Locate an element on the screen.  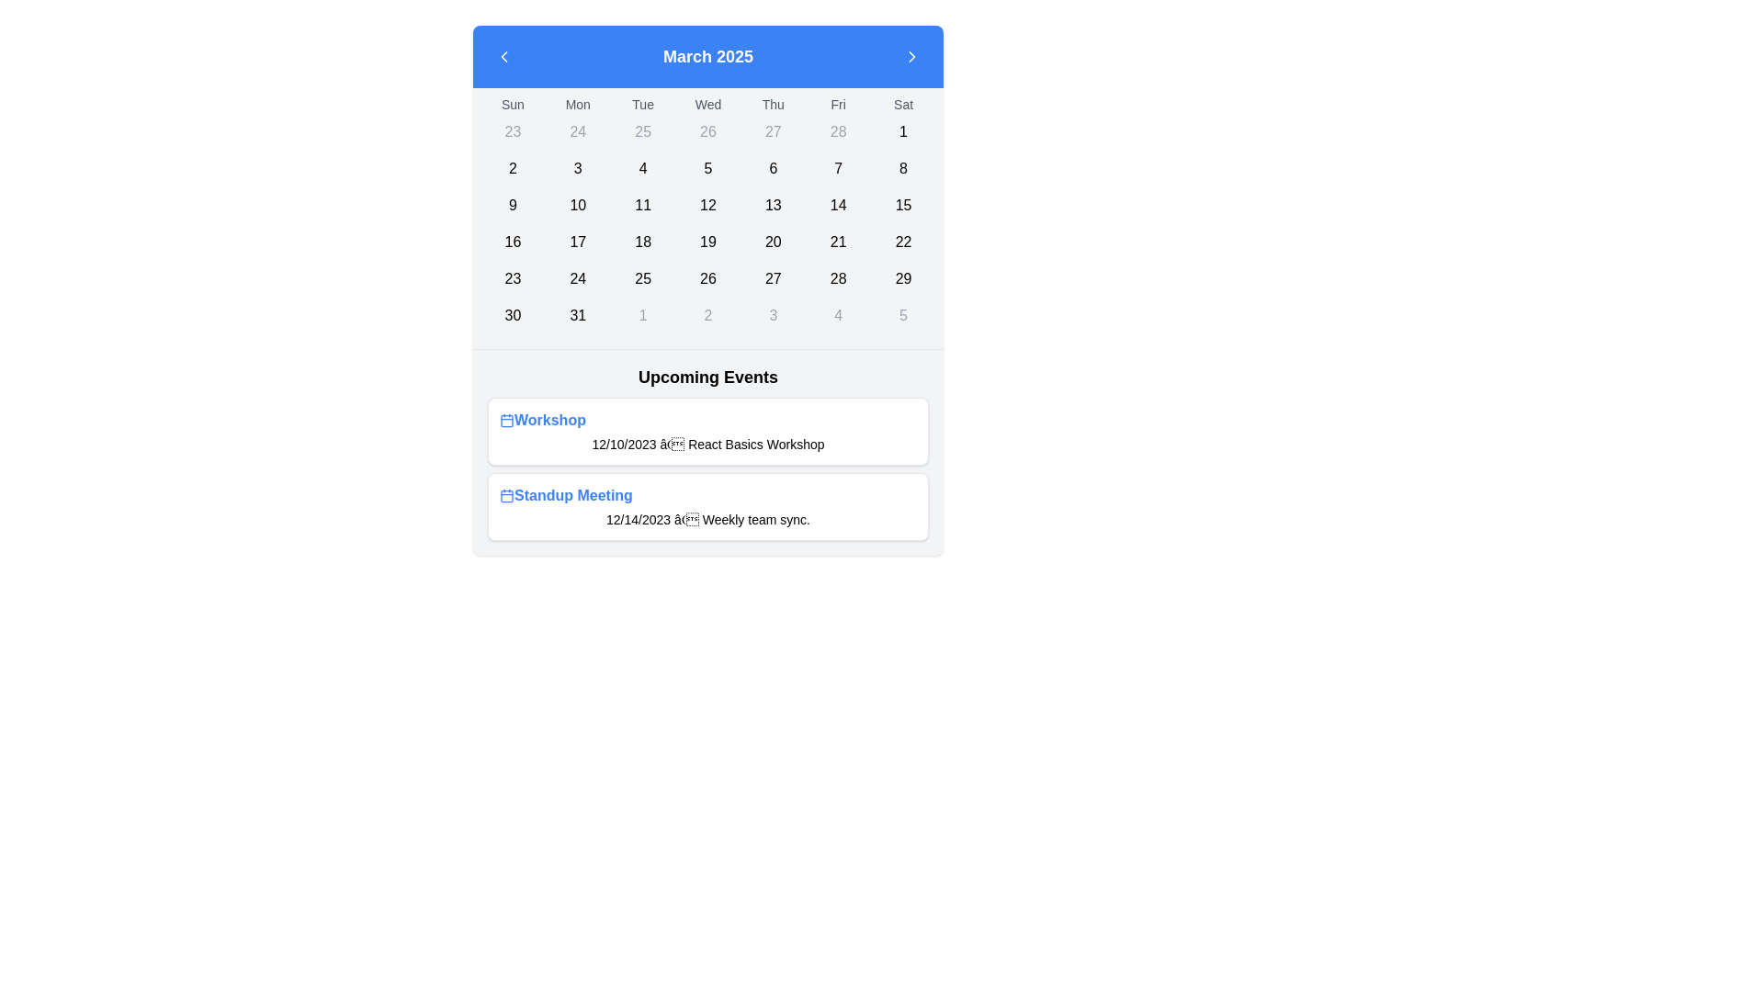
the first day of the month button in the calendar interface, located under the 'Sat' column is located at coordinates (903, 130).